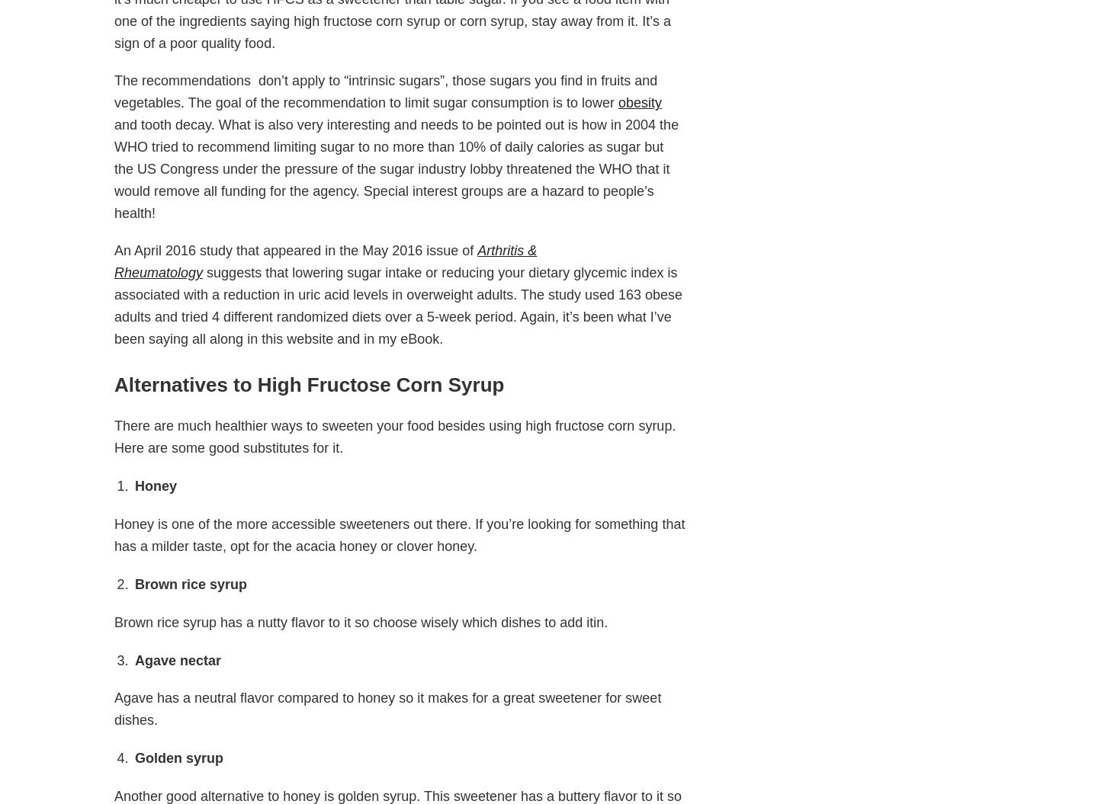 Image resolution: width=1098 pixels, height=804 pixels. Describe the element at coordinates (114, 533) in the screenshot. I see `'Honey is one of the more accessible sweeteners out there. If you’re looking for something that has a milder taste, opt for the acacia honey or clover honey.'` at that location.